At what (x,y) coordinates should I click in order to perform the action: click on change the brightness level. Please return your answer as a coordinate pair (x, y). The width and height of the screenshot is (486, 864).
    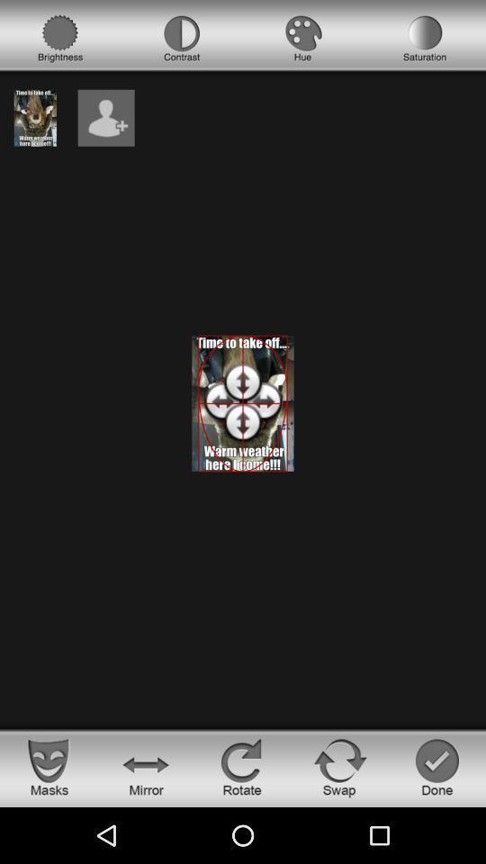
    Looking at the image, I should click on (60, 38).